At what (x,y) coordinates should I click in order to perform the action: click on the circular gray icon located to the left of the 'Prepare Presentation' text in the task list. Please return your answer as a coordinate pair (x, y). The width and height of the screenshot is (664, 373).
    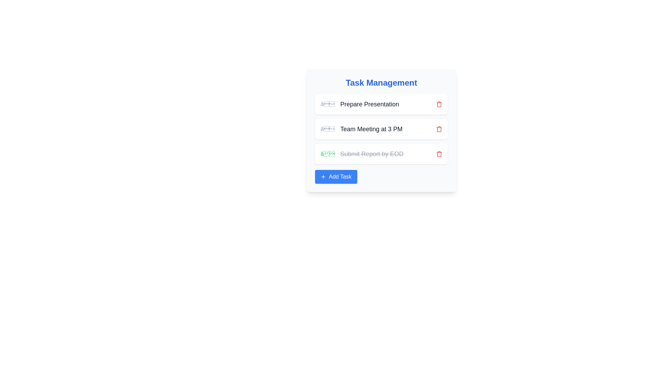
    Looking at the image, I should click on (327, 104).